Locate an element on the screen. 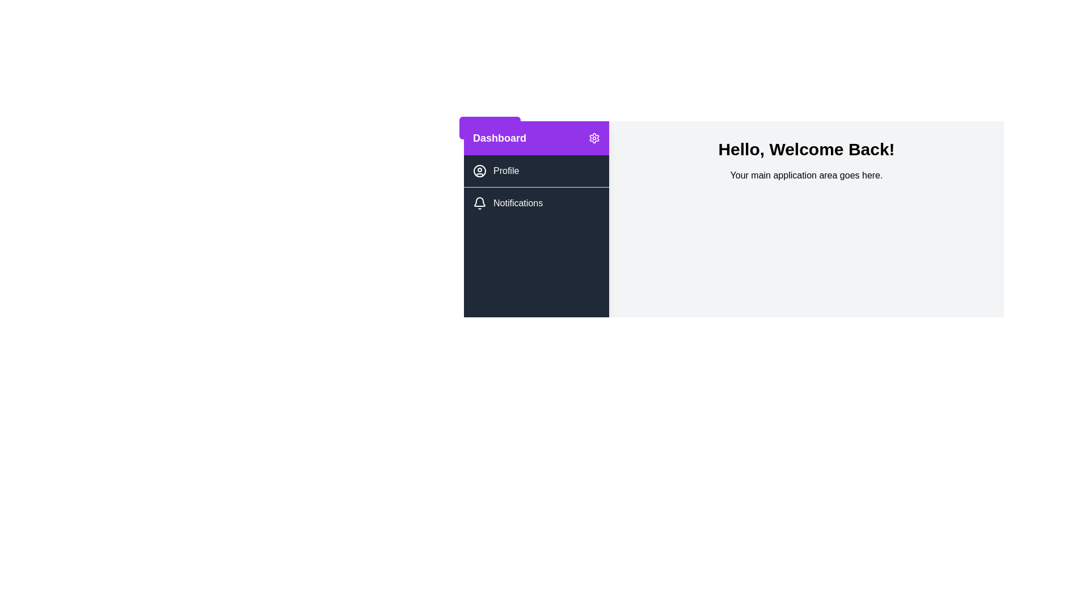 The height and width of the screenshot is (612, 1089). the gear-shaped icon button with a purple background located in the top-right corner of the purple 'Dashboard' top bar is located at coordinates (593, 137).